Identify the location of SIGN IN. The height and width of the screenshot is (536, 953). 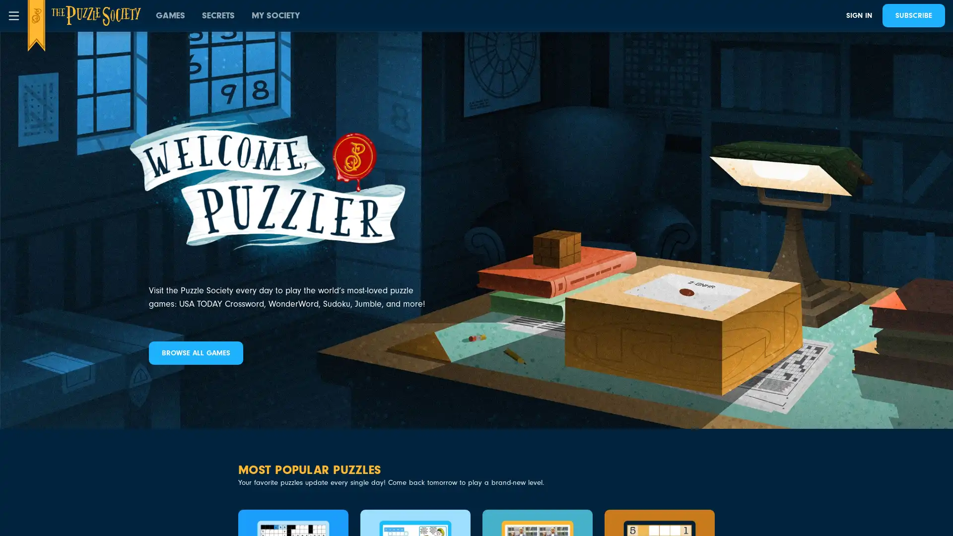
(859, 15).